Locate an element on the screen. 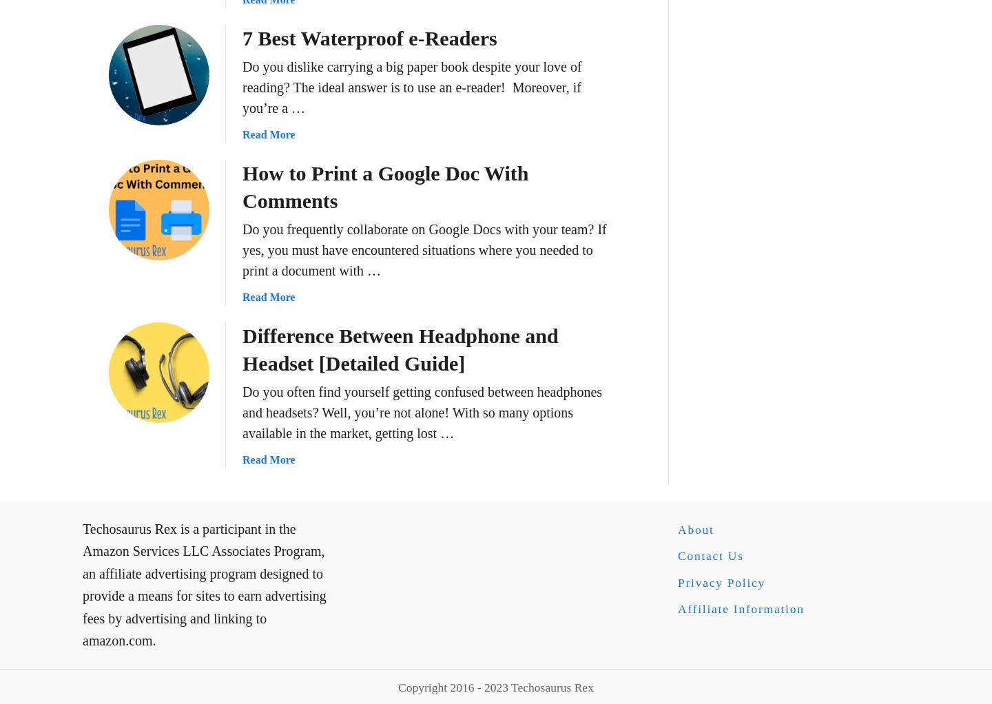 This screenshot has height=704, width=992. 'Copyright 2016 - 2023 Techosaurus Rex' is located at coordinates (398, 686).